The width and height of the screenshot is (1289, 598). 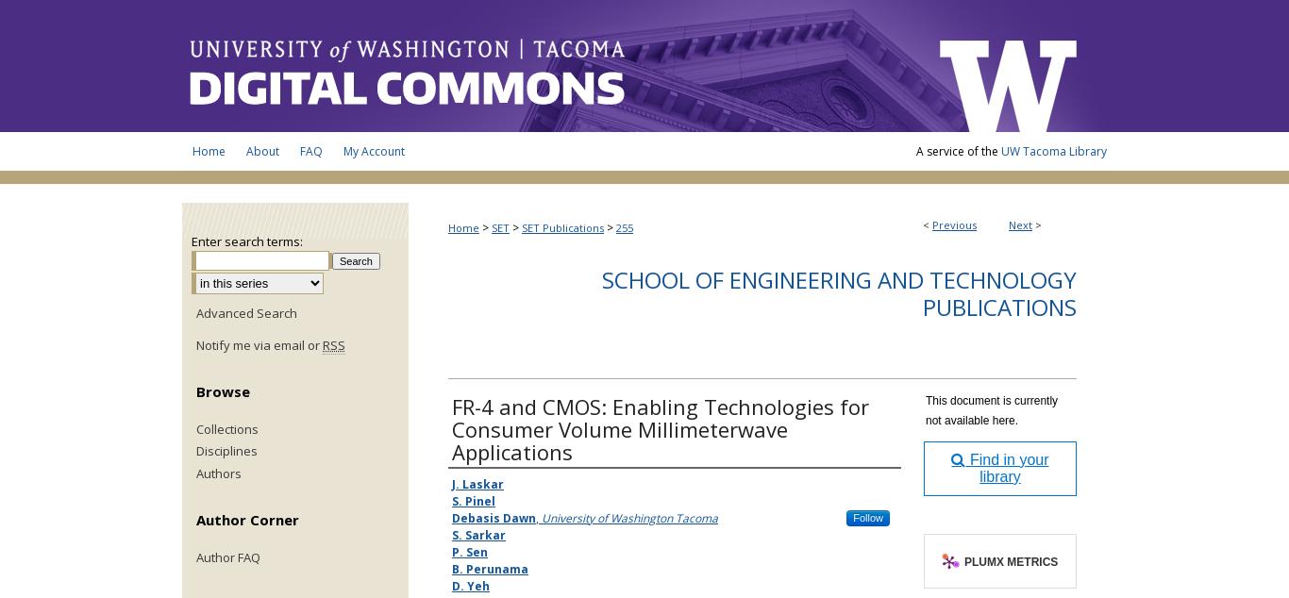 What do you see at coordinates (463, 226) in the screenshot?
I see `'Home'` at bounding box center [463, 226].